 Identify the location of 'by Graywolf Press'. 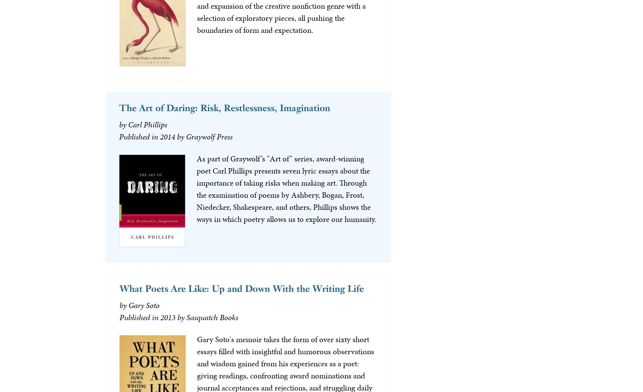
(204, 136).